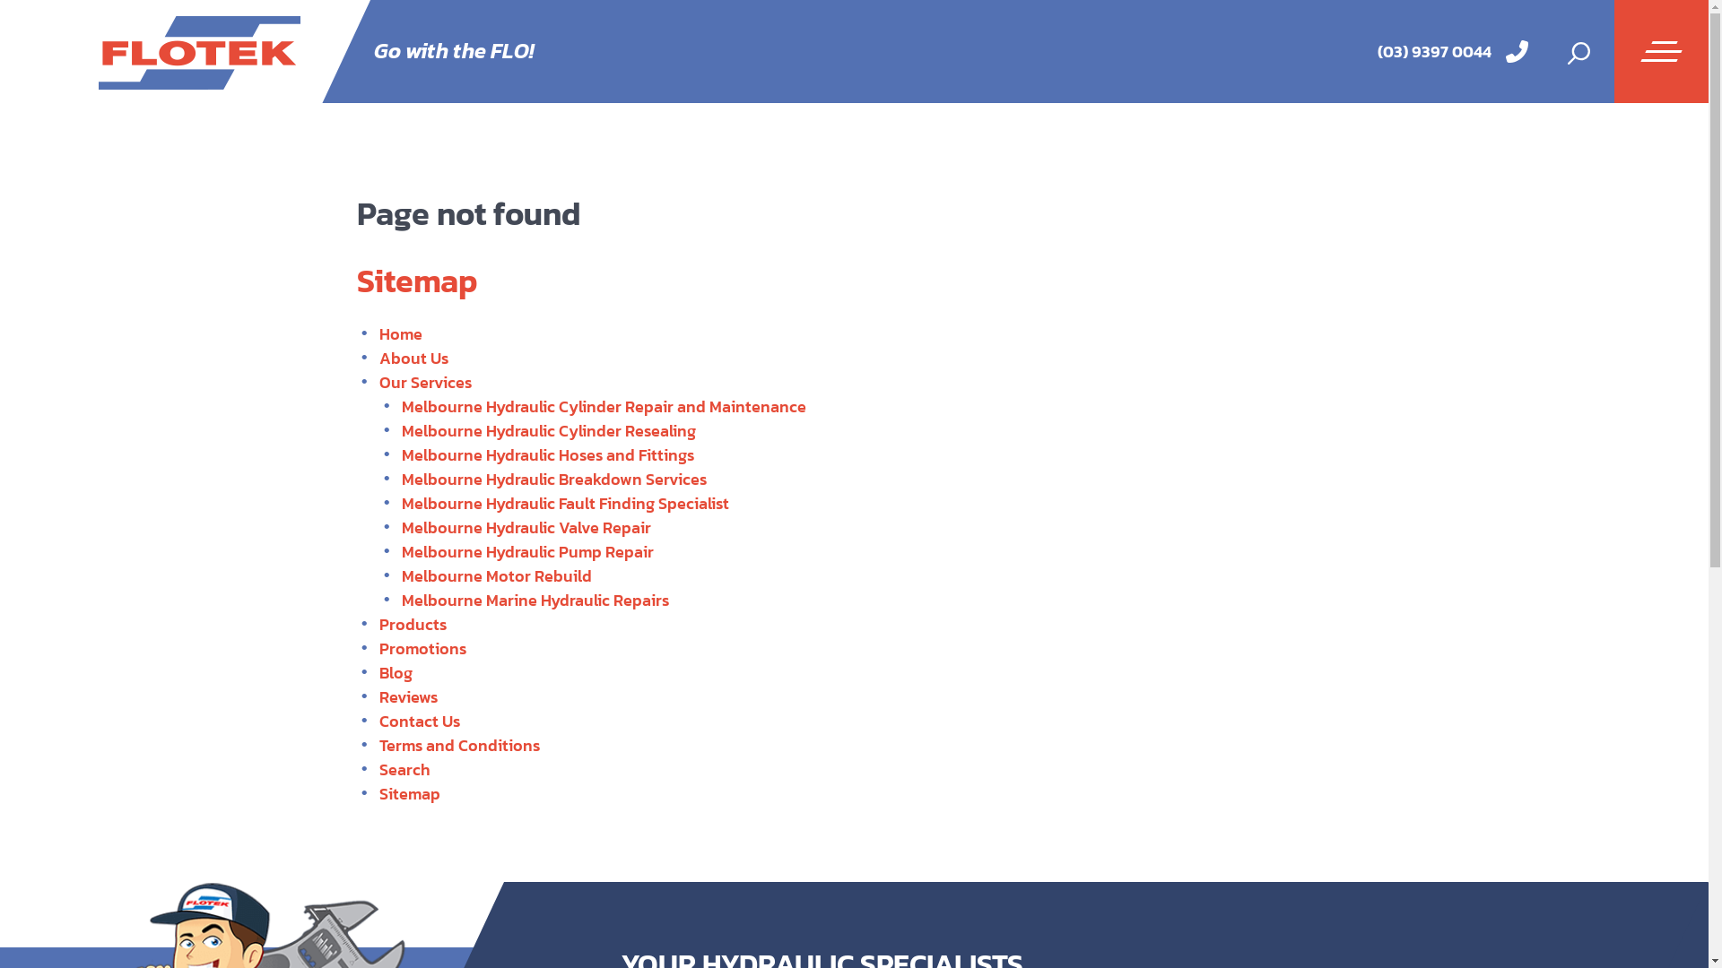  I want to click on 'Products', so click(411, 623).